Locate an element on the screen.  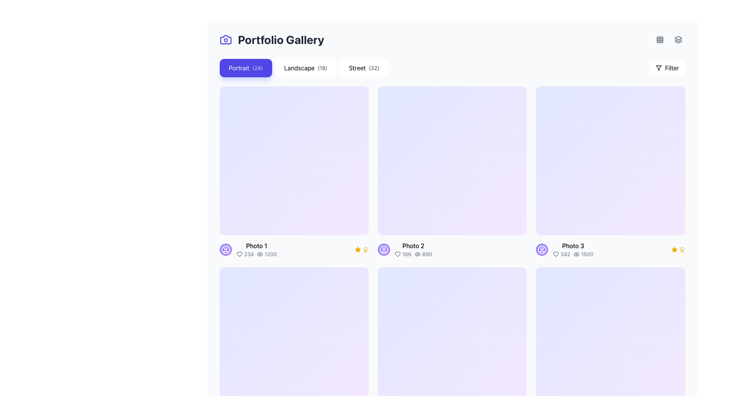
like count displayed next to the heart icon in the 'Photo 2' section, which indicates the popularity of the photo is located at coordinates (402, 254).